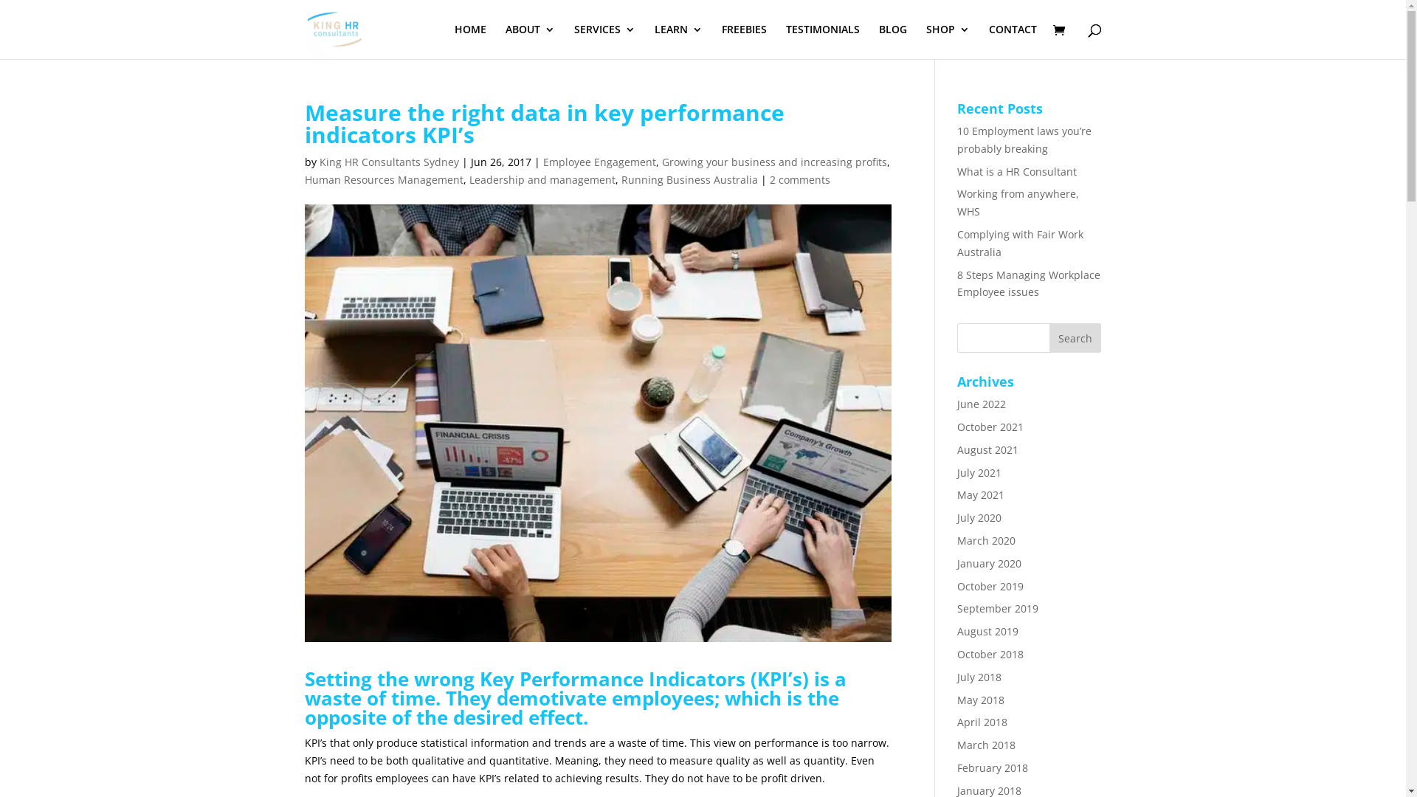 This screenshot has height=797, width=1417. I want to click on 'July 2020', so click(979, 517).